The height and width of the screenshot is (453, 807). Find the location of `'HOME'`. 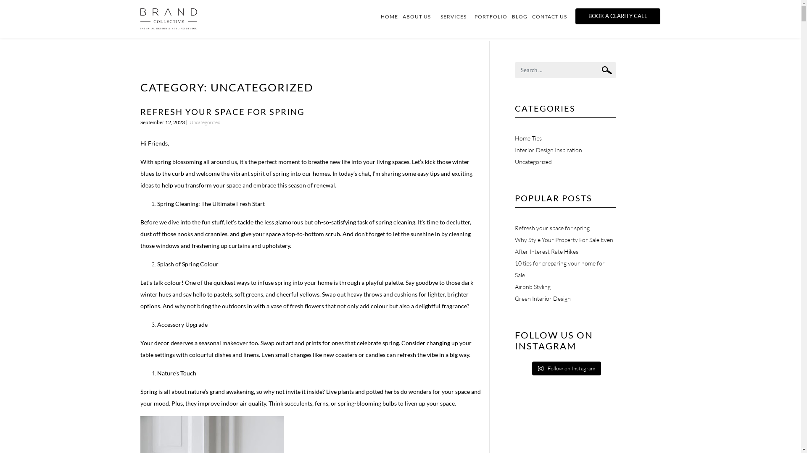

'HOME' is located at coordinates (391, 16).